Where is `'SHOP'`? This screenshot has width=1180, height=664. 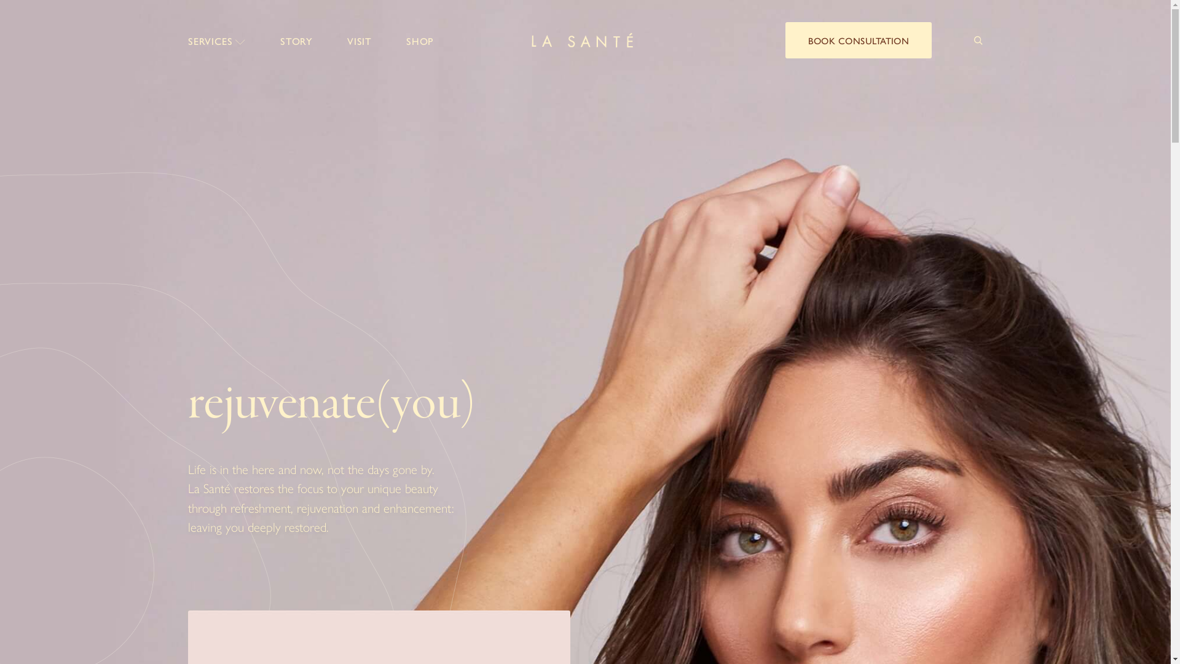
'SHOP' is located at coordinates (420, 40).